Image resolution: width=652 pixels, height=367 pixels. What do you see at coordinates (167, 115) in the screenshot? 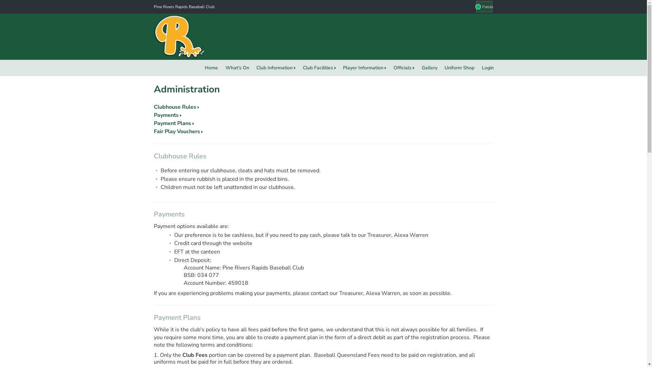
I see `'Payments'` at bounding box center [167, 115].